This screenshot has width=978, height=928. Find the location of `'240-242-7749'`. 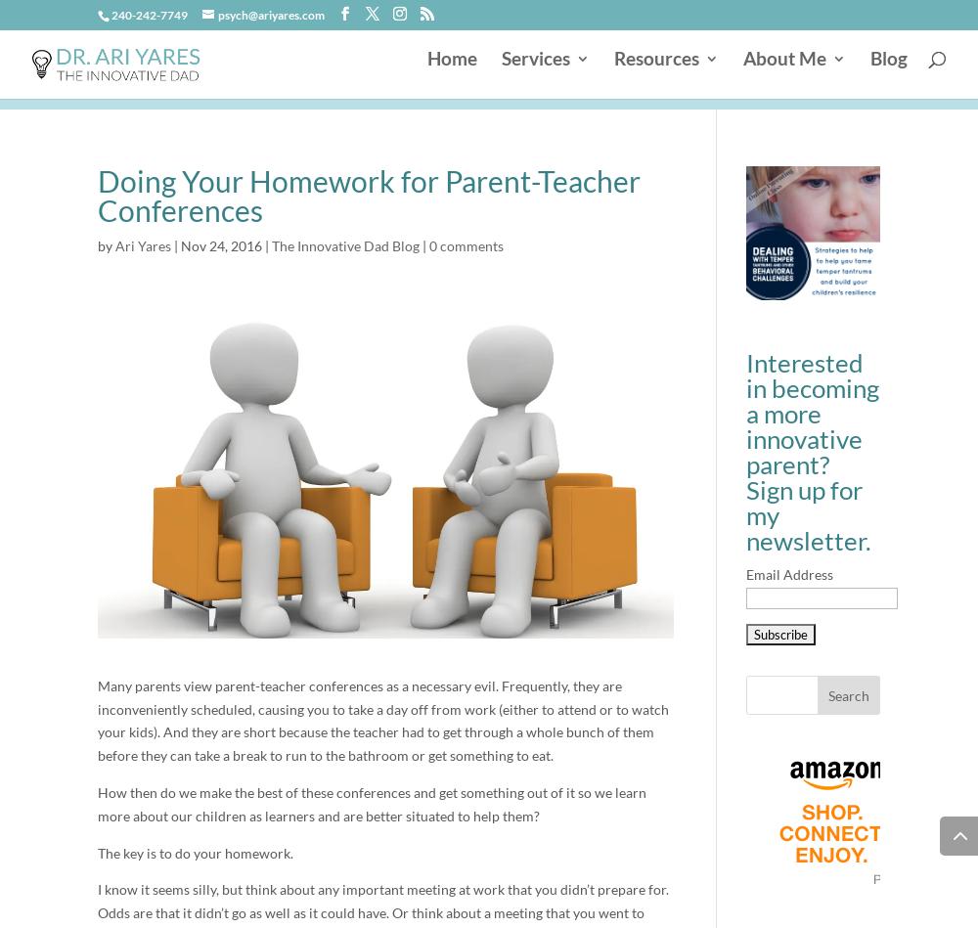

'240-242-7749' is located at coordinates (150, 15).